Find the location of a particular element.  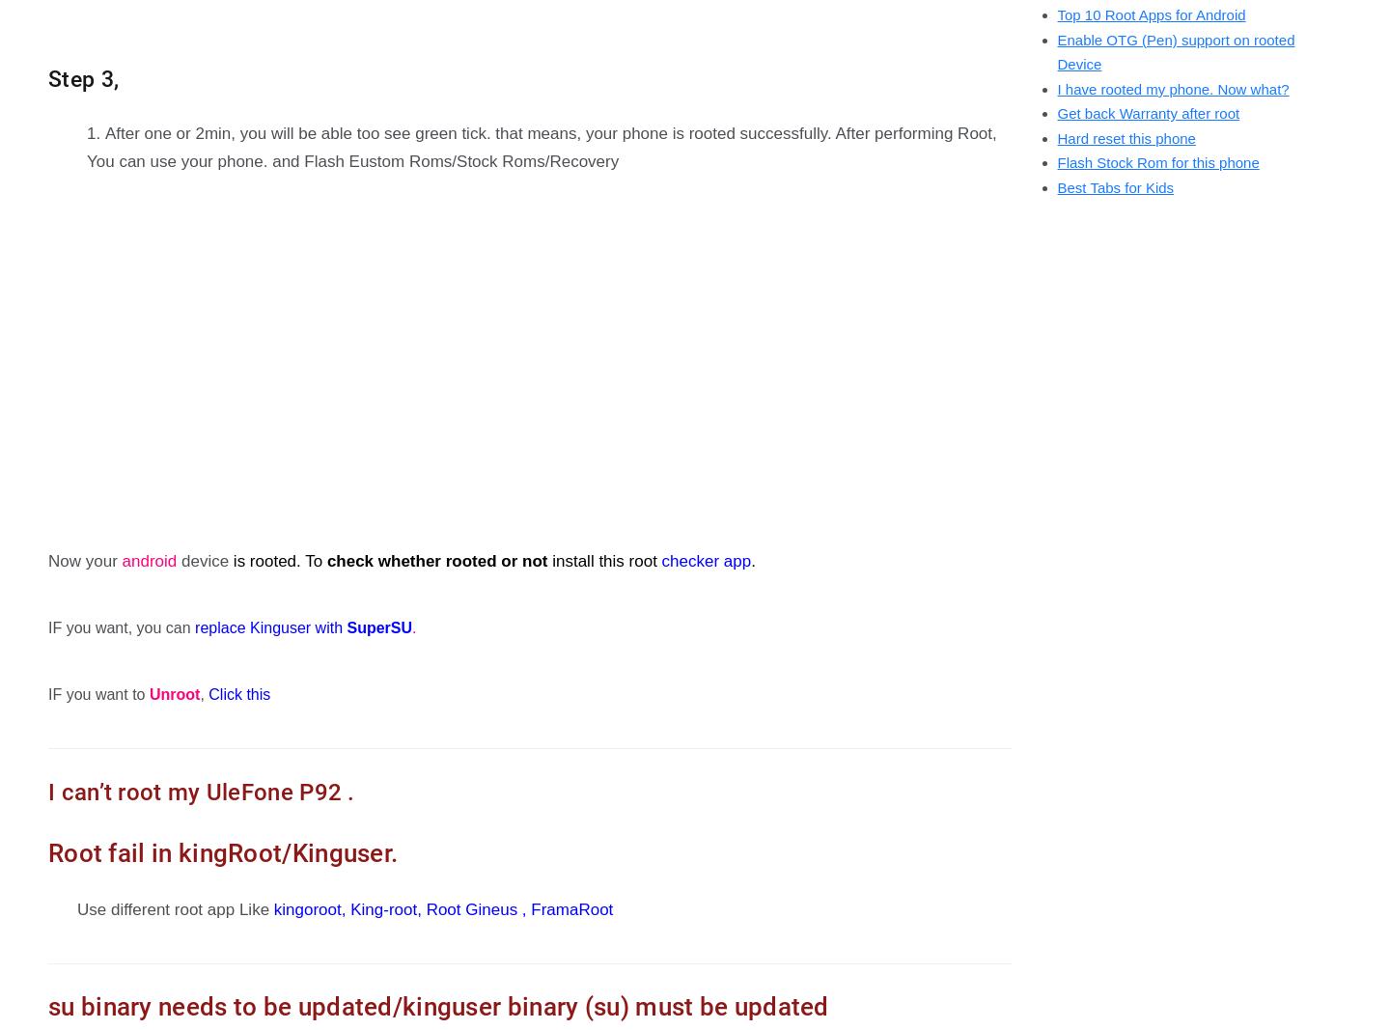

'FramaRoot' is located at coordinates (571, 908).